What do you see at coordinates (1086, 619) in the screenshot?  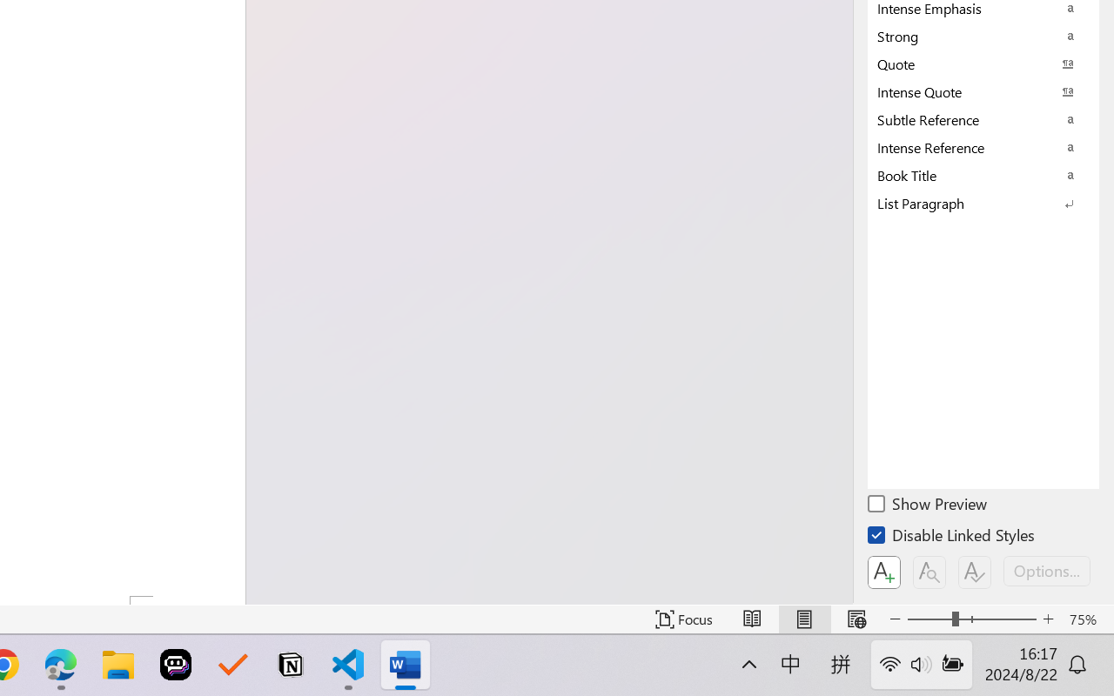 I see `'Zoom 75%'` at bounding box center [1086, 619].